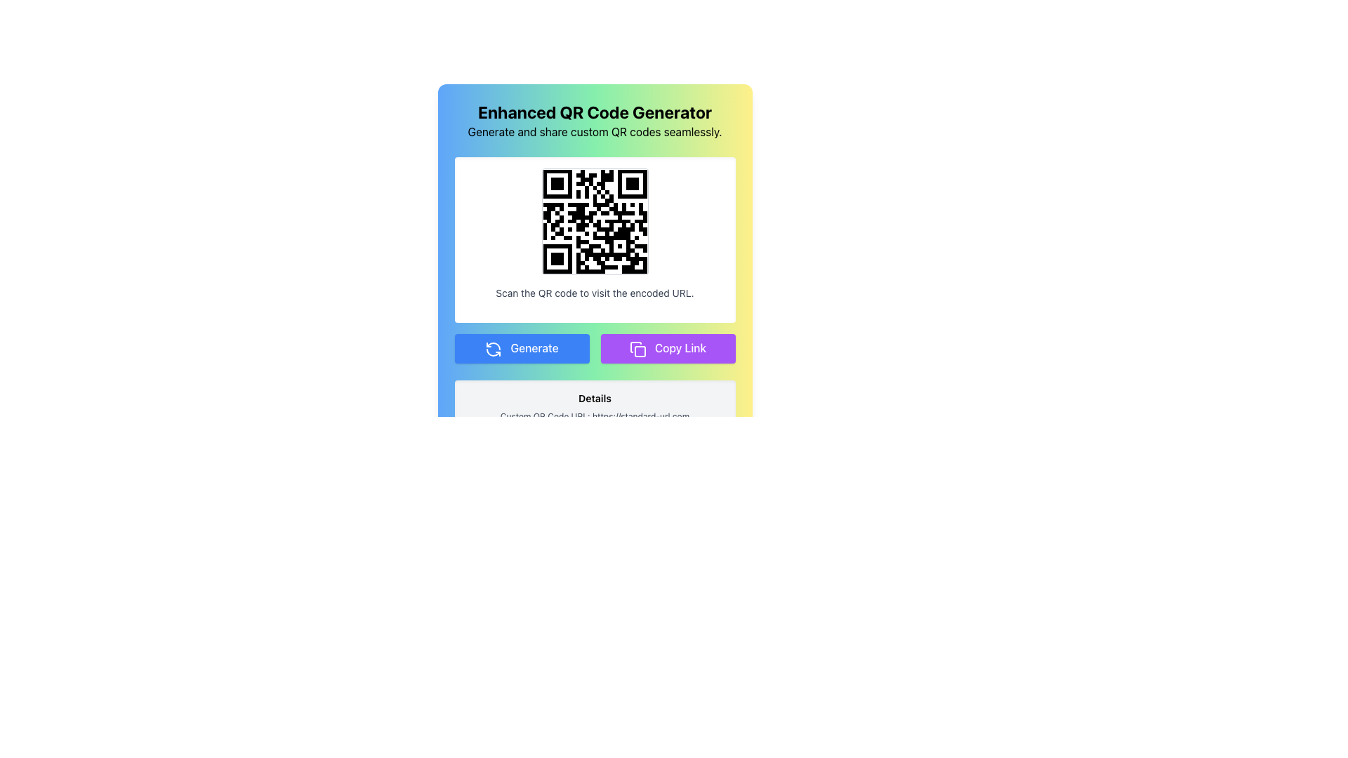 This screenshot has height=758, width=1348. Describe the element at coordinates (595, 292) in the screenshot. I see `instructional text label located beneath the QR code image, which informs users to scan the QR code above to access an encoded URL` at that location.